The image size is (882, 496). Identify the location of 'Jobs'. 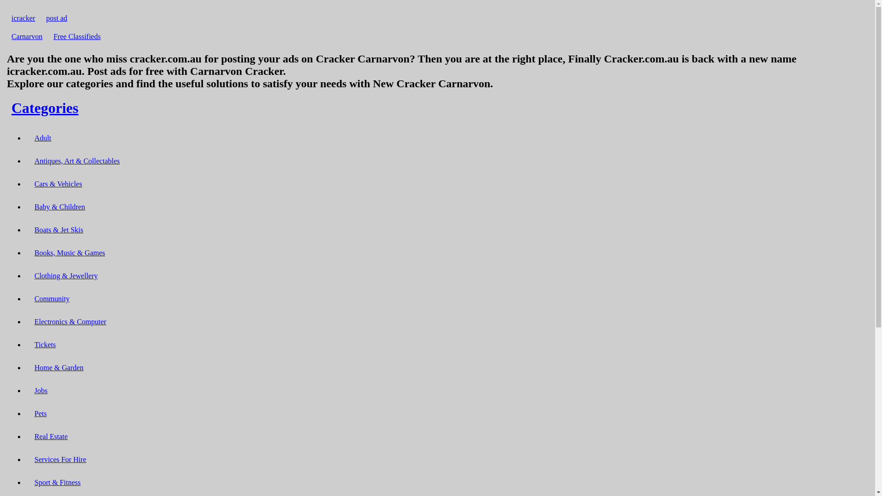
(40, 390).